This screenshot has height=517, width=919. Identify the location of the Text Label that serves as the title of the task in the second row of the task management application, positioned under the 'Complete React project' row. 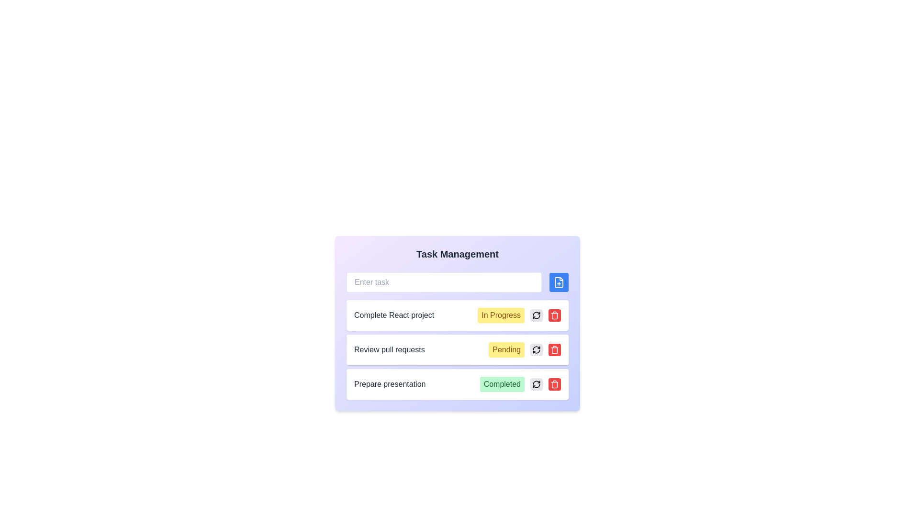
(389, 350).